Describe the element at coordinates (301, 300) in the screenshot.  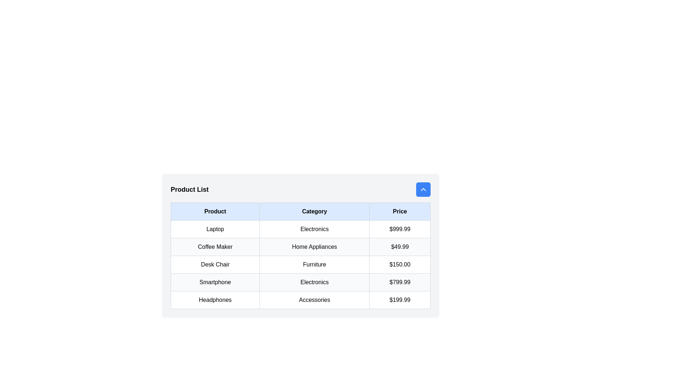
I see `the fifth row` at that location.